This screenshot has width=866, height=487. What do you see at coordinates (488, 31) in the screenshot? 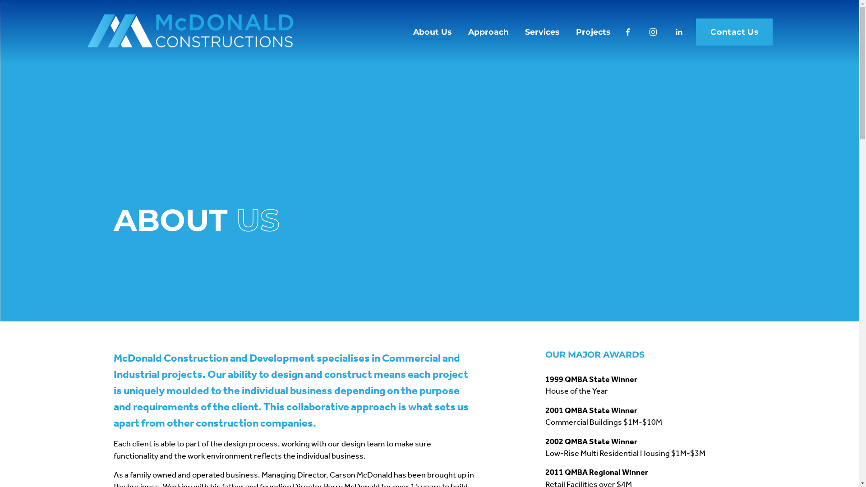
I see `'Approach'` at bounding box center [488, 31].